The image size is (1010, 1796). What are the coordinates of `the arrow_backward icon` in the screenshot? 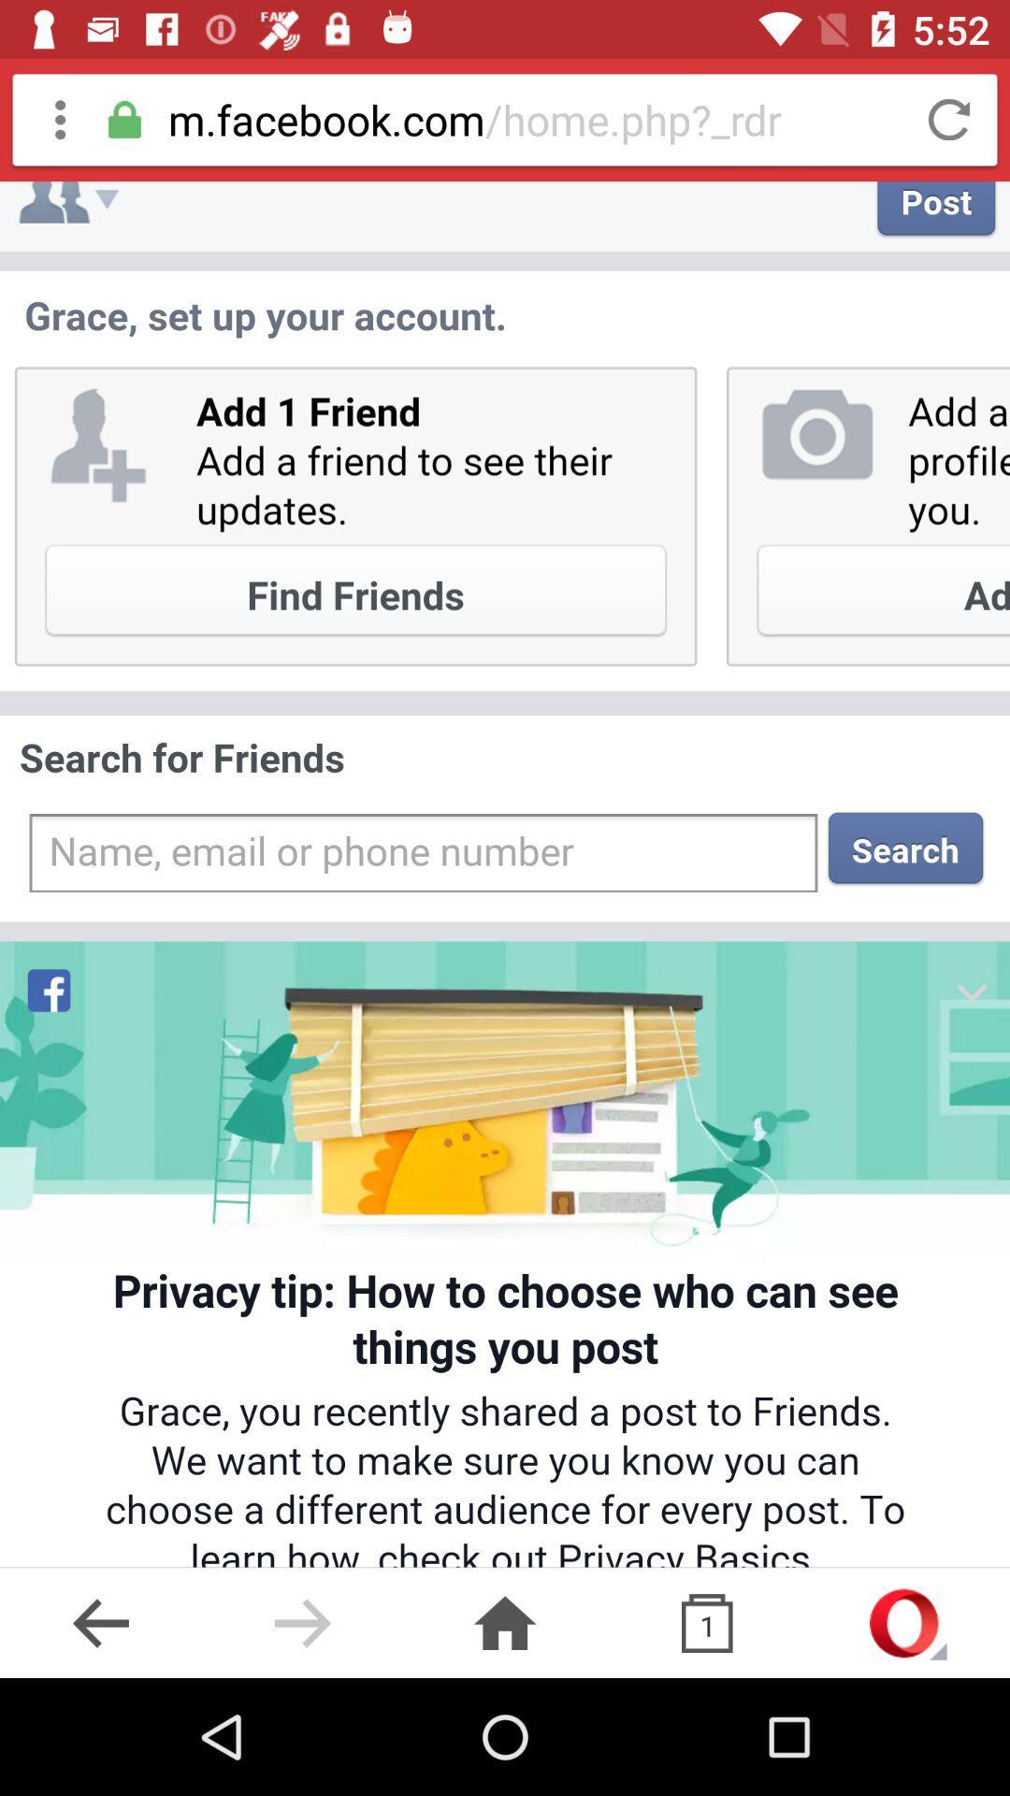 It's located at (101, 1622).